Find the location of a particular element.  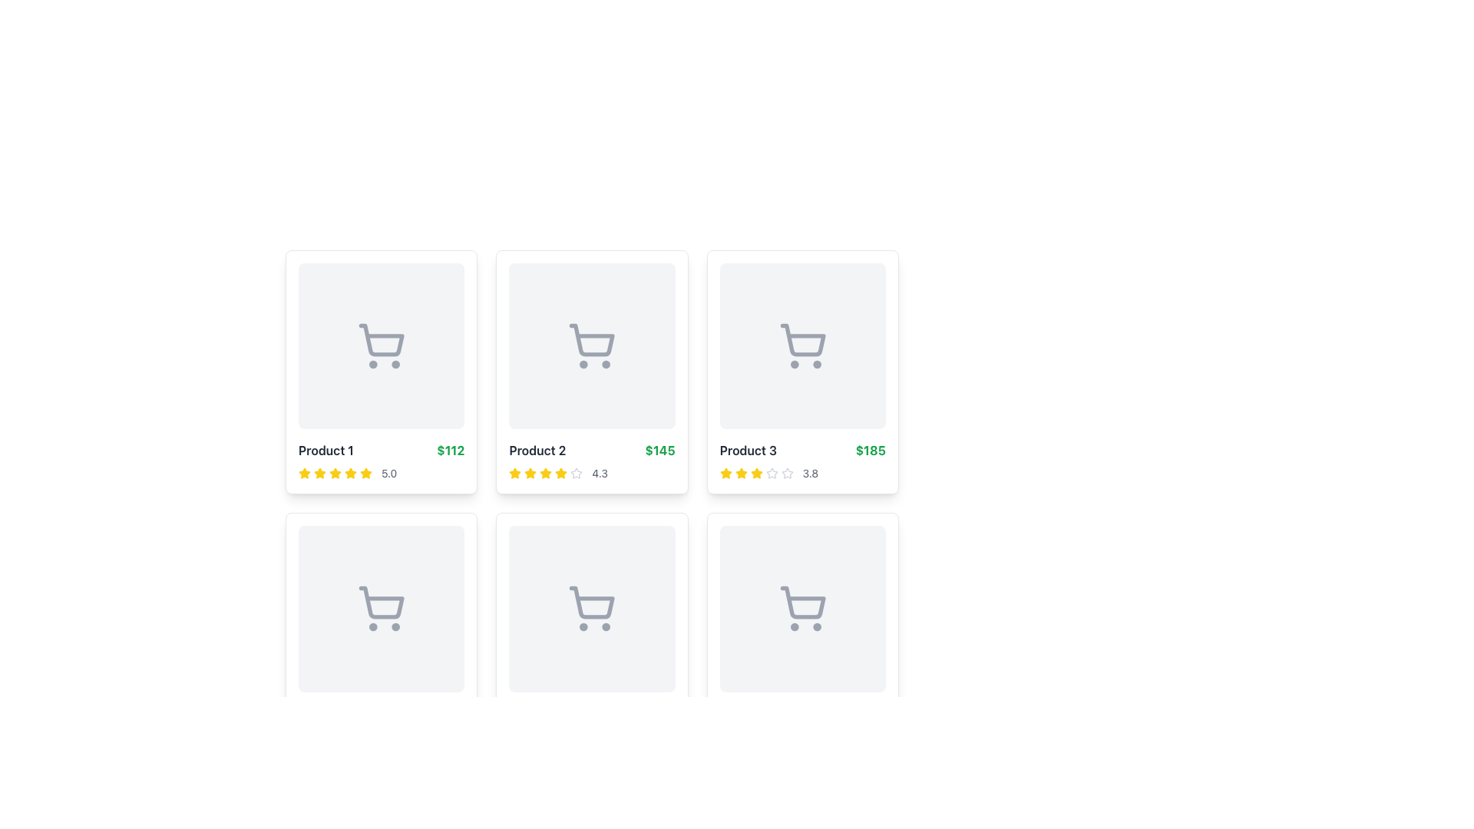

Text label element that serves as the title or label of the product, positioned in the top-left part of the product card, directly above the star rating and to the left of the price information is located at coordinates (325, 450).